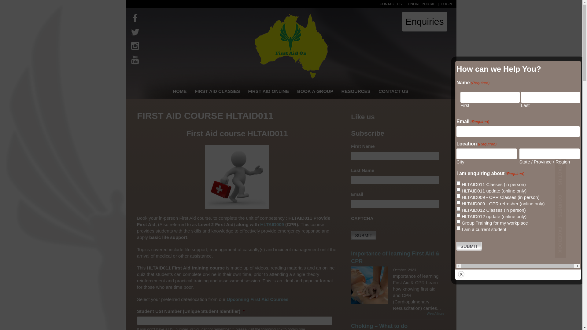 The image size is (587, 330). What do you see at coordinates (356, 91) in the screenshot?
I see `'RESOURCES'` at bounding box center [356, 91].